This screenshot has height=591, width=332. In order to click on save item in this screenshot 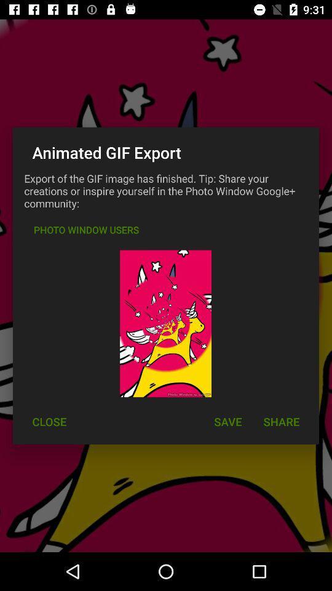, I will do `click(227, 422)`.